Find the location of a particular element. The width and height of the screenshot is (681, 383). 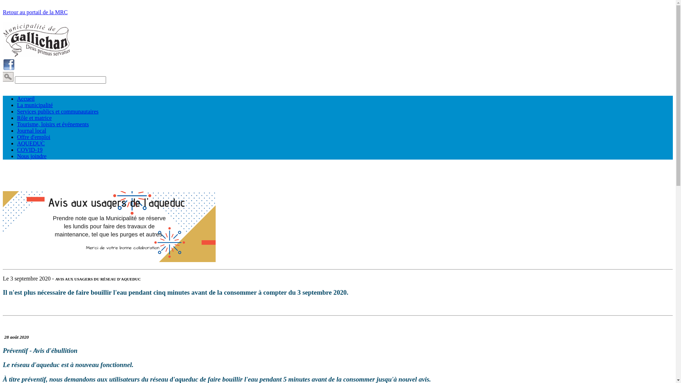

'Accueil' is located at coordinates (26, 99).